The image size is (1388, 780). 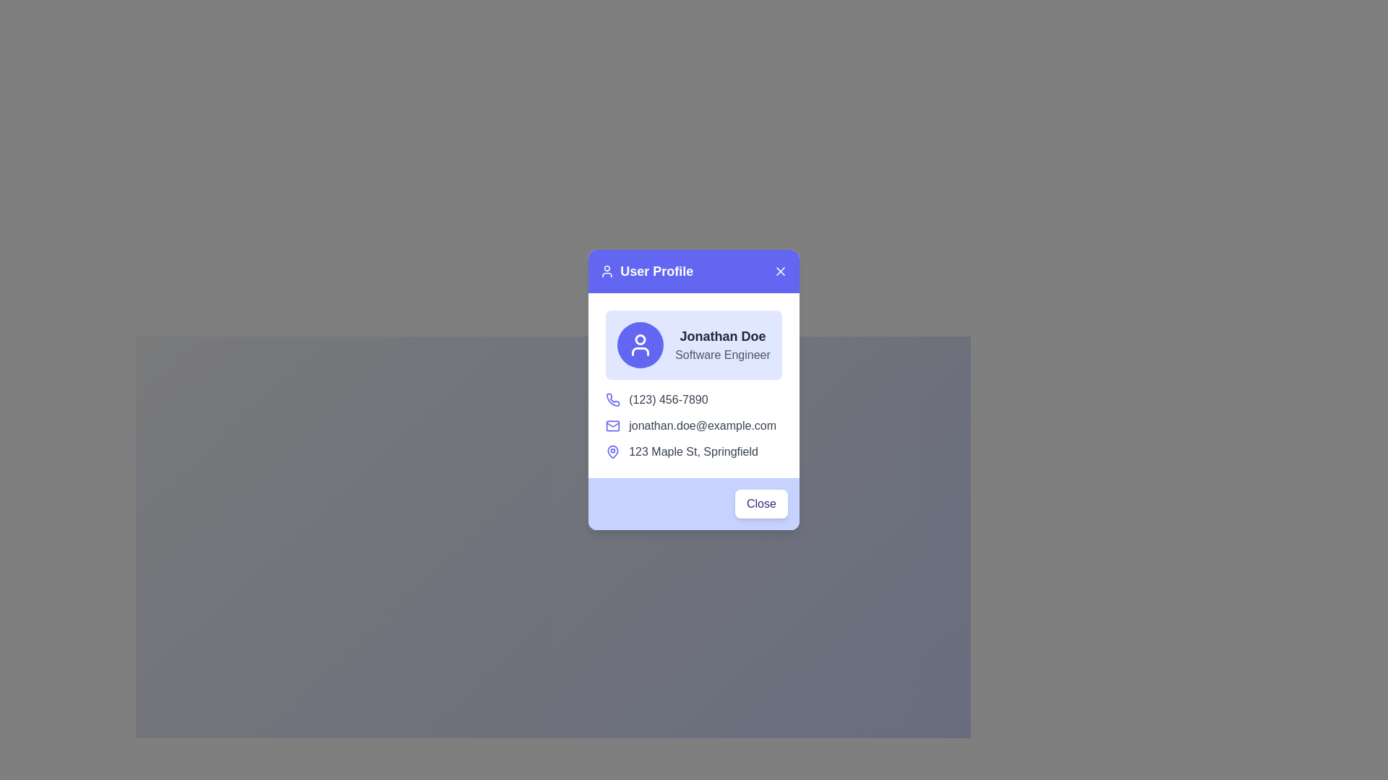 I want to click on the visual indicator icon that represents location or address information in the profile card, located near the bottom left of the dialog box, so click(x=613, y=451).